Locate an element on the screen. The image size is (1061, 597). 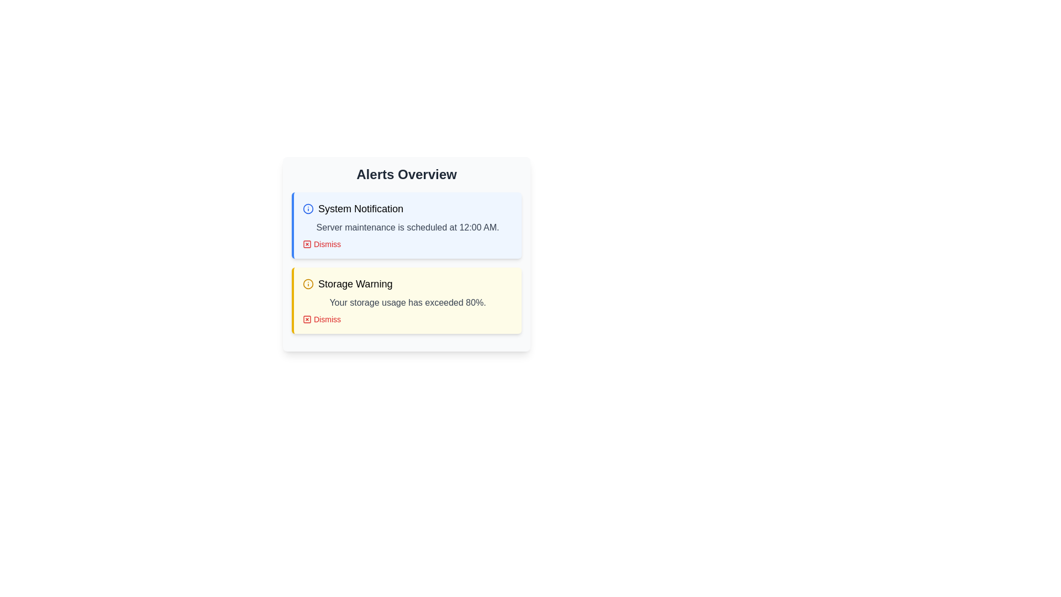
informational text about the scheduled server maintenance event located inside the 'System Notification' blue-bordered notification box, below the title and above the 'Dismiss' button is located at coordinates (407, 227).